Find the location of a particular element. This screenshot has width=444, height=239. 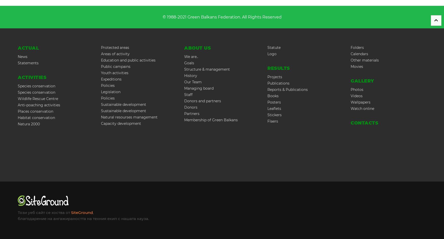

'SiteGround' is located at coordinates (82, 212).